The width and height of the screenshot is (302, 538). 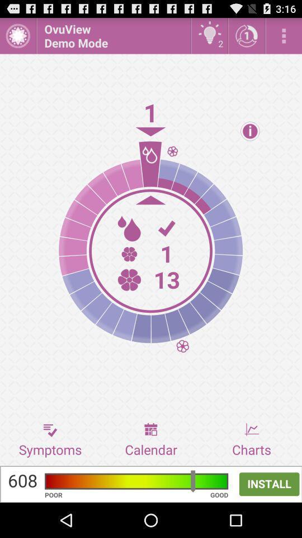 I want to click on install app, so click(x=151, y=484).